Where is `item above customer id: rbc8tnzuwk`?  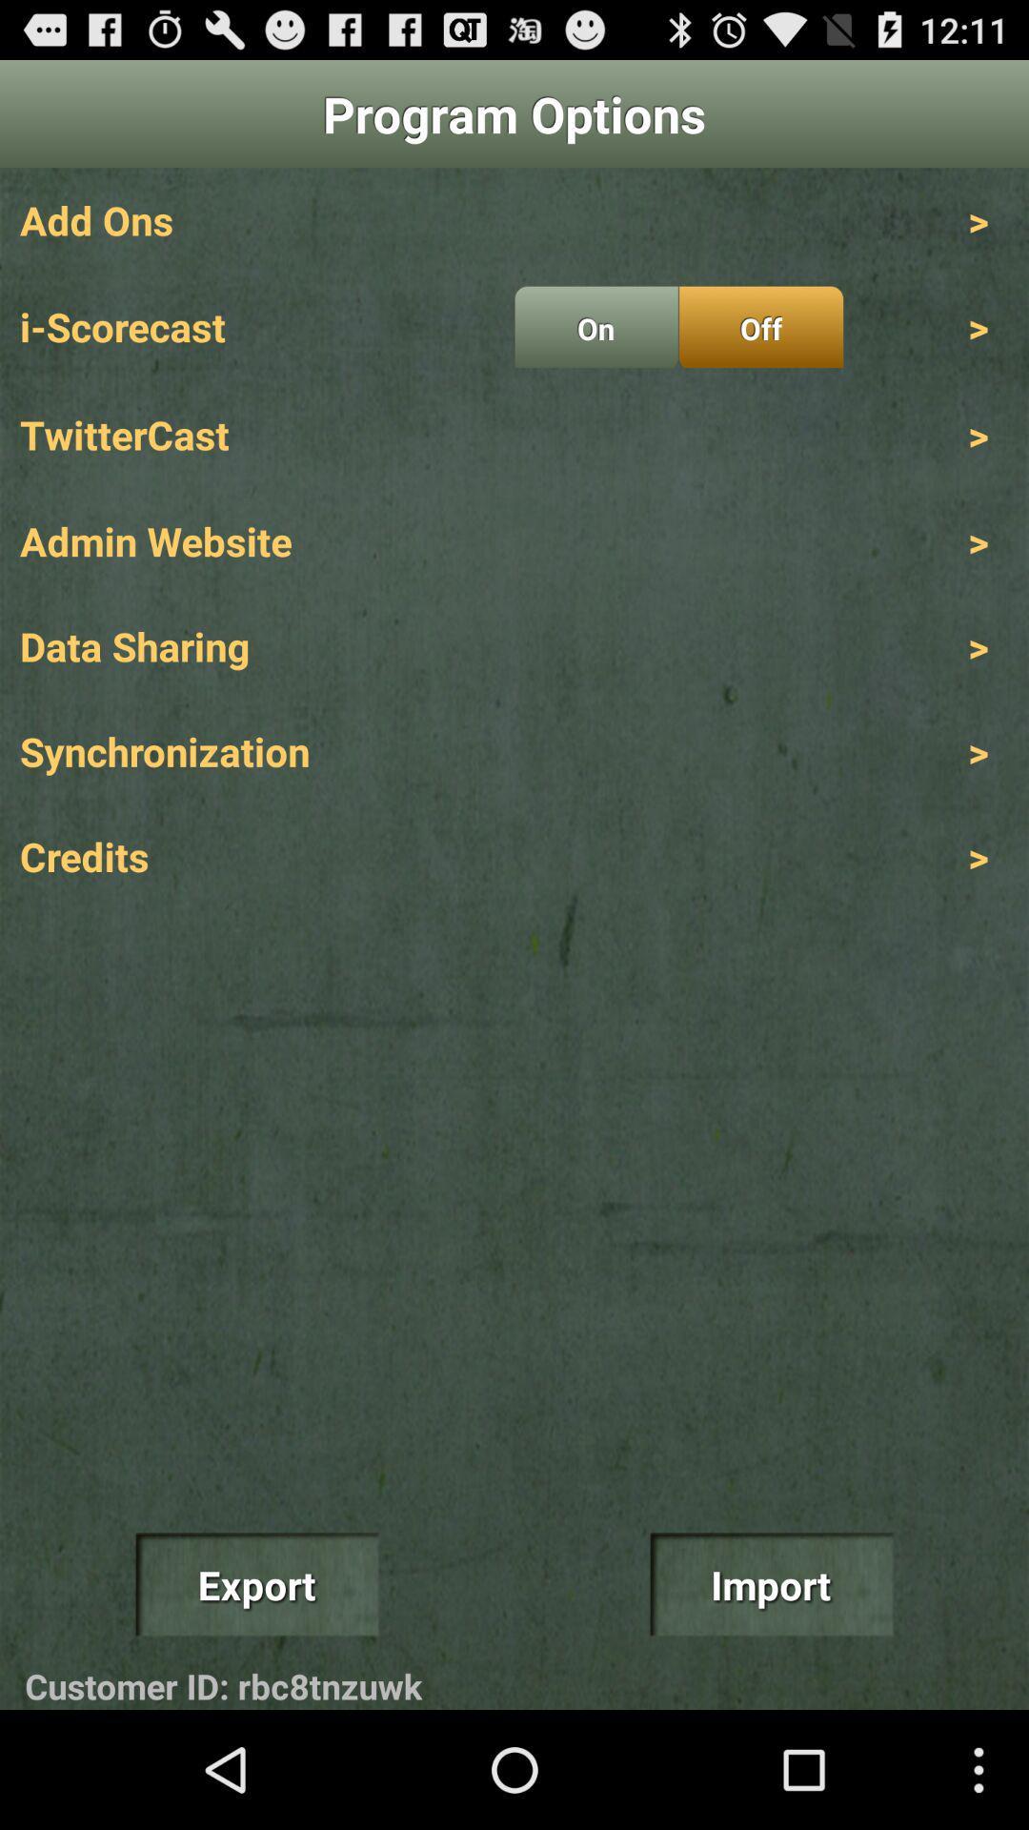
item above customer id: rbc8tnzuwk is located at coordinates (255, 1584).